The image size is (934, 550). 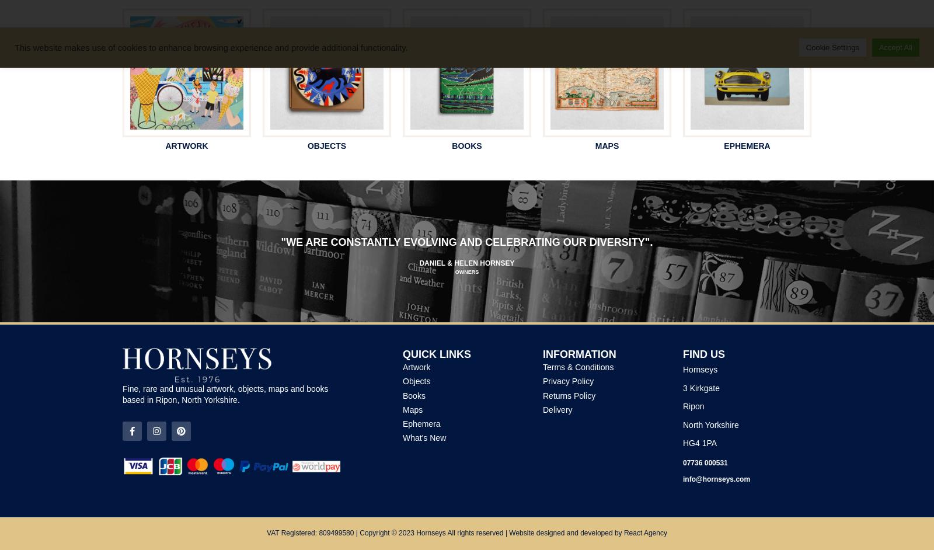 What do you see at coordinates (644, 532) in the screenshot?
I see `'React Agency'` at bounding box center [644, 532].